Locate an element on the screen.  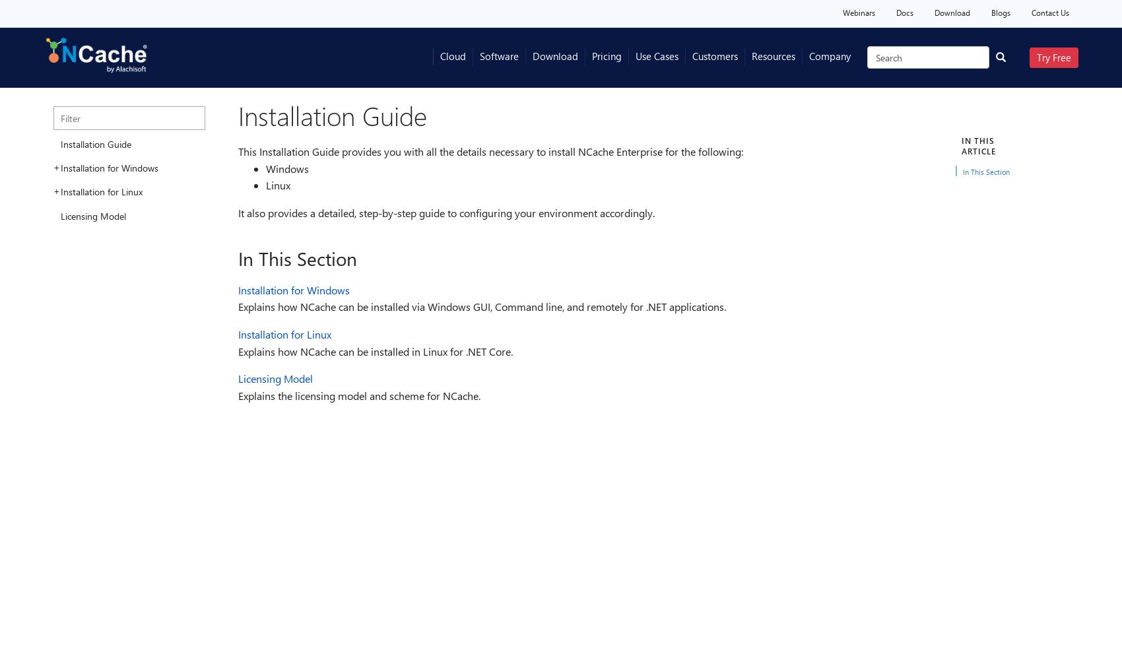
'Use Cases' is located at coordinates (656, 55).